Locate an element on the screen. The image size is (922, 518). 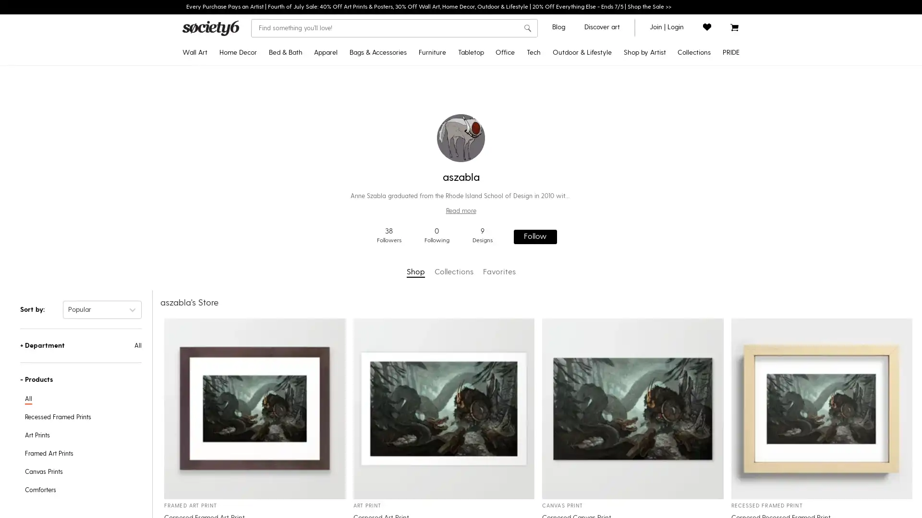
Android Wallet Cases is located at coordinates (568, 123).